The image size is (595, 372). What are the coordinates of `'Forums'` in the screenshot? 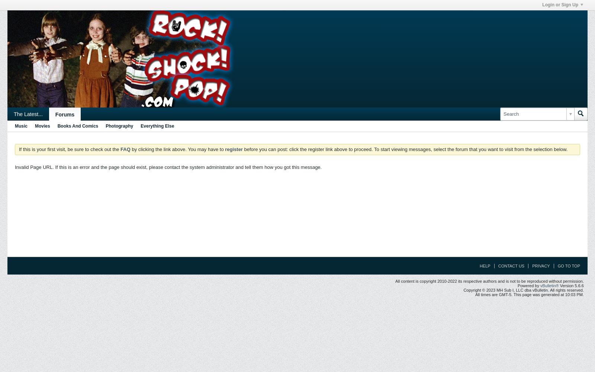 It's located at (64, 115).